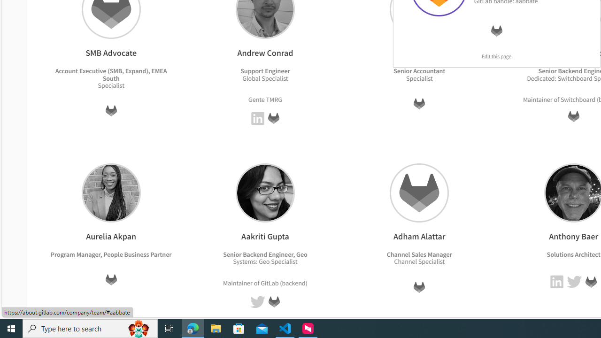 This screenshot has width=601, height=338. Describe the element at coordinates (418, 254) in the screenshot. I see `'Channel Sales Manager'` at that location.